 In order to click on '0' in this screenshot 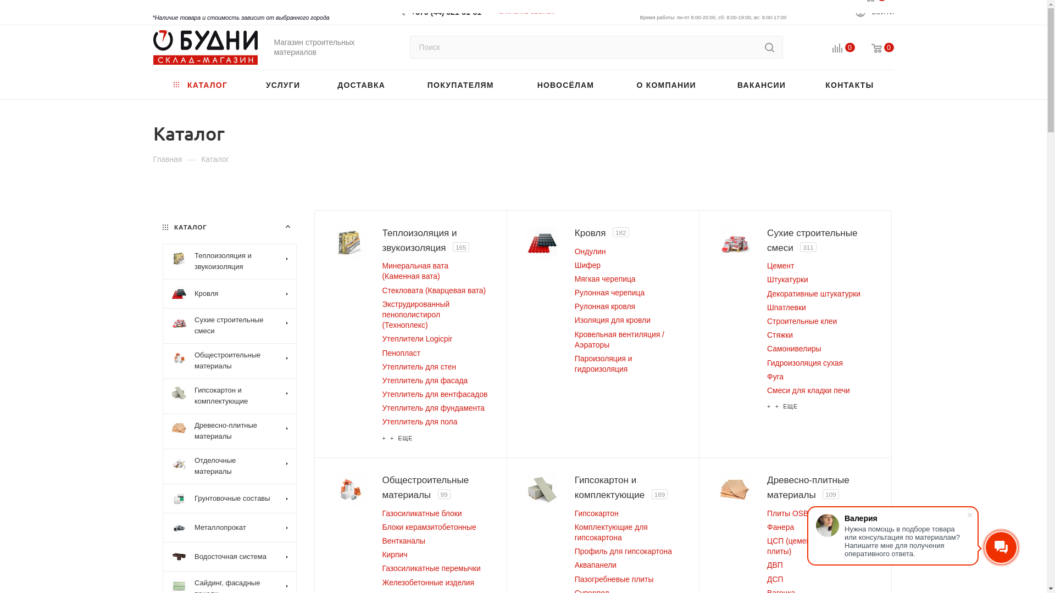, I will do `click(815, 48)`.